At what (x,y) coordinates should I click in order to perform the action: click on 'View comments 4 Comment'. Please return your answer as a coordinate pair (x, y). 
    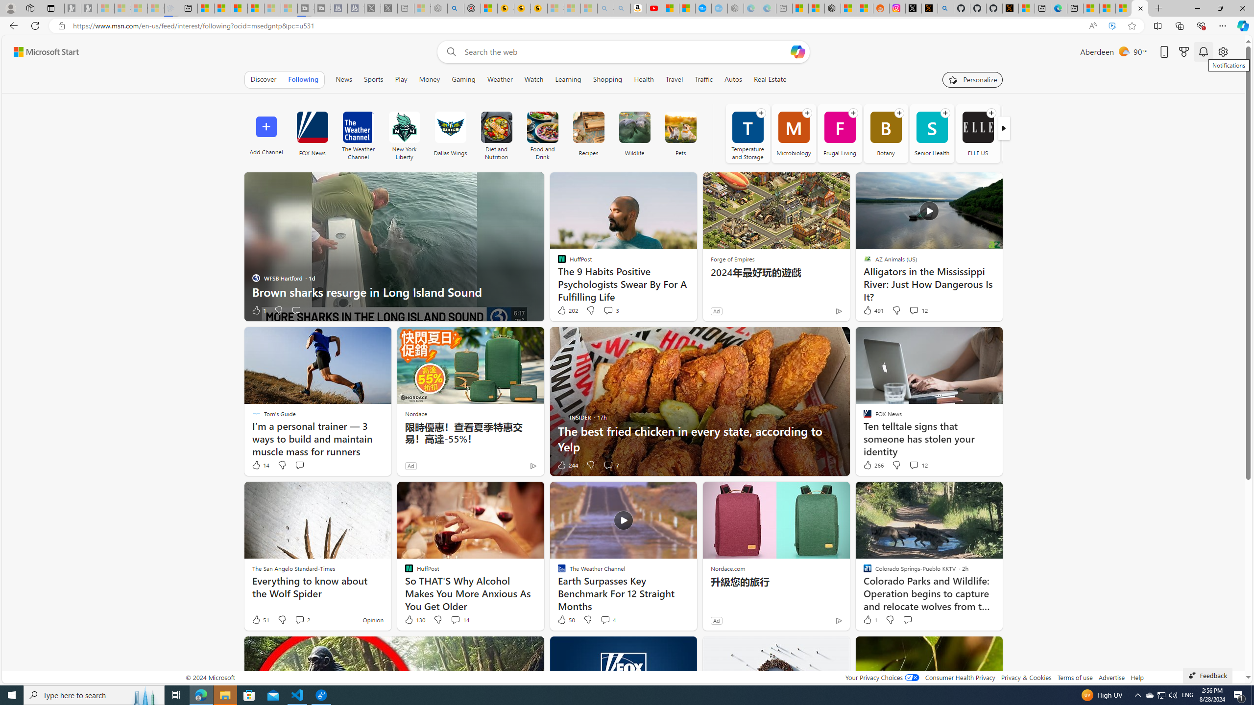
    Looking at the image, I should click on (605, 619).